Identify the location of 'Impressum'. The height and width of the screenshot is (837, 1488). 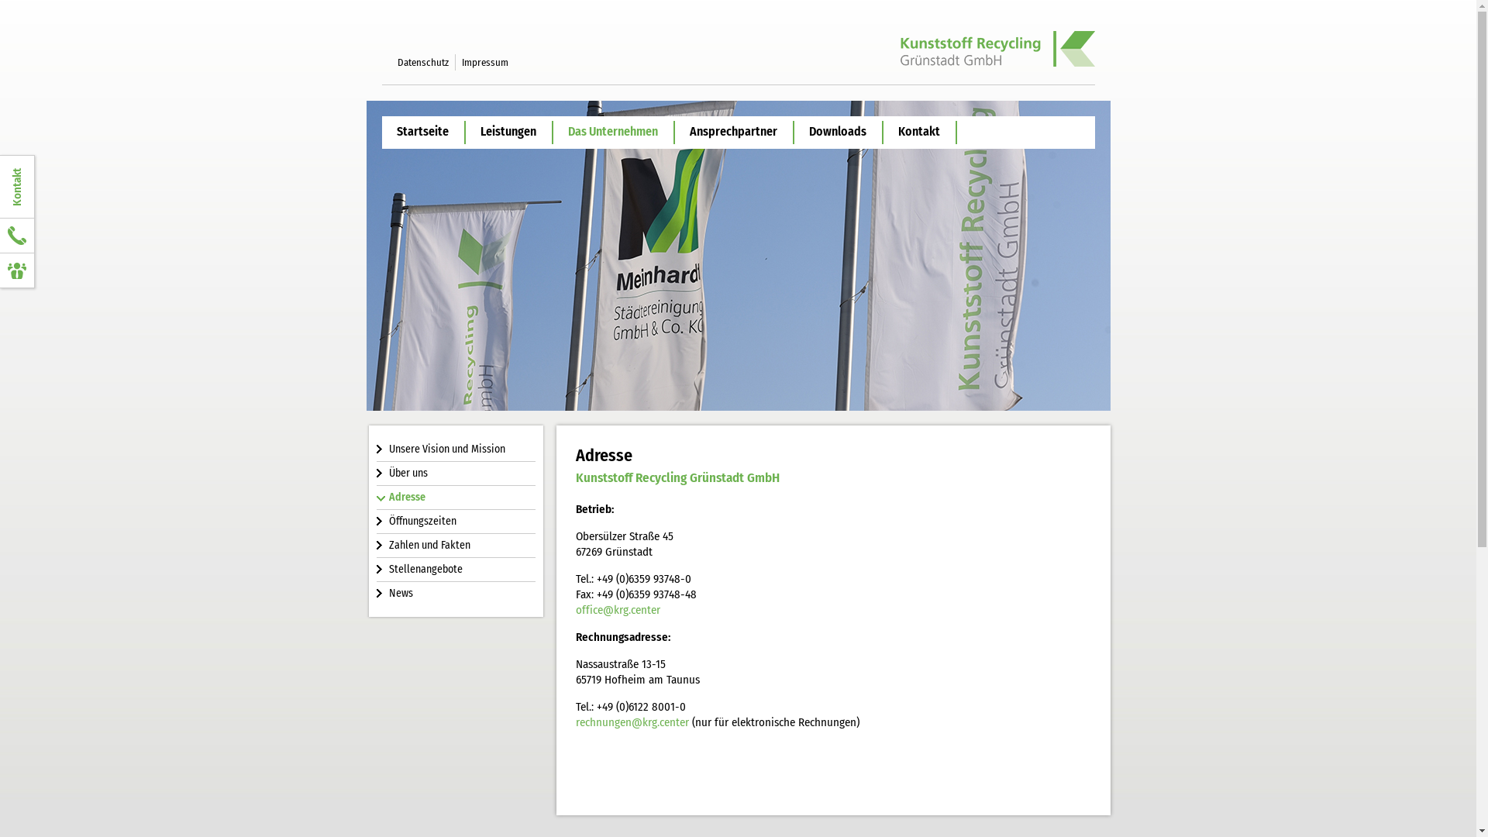
(484, 61).